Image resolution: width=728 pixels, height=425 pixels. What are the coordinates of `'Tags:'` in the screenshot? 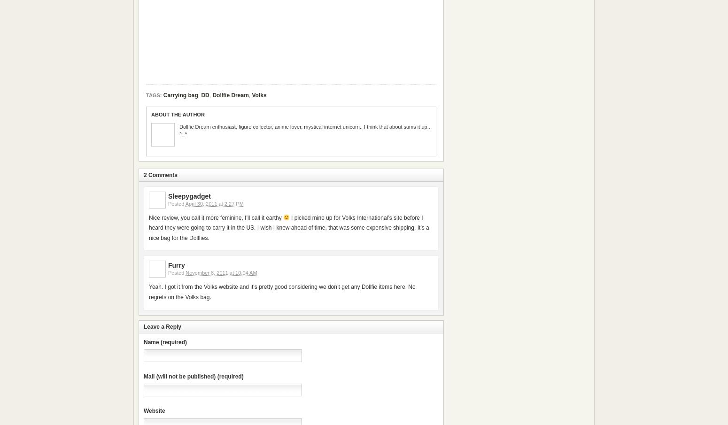 It's located at (153, 94).